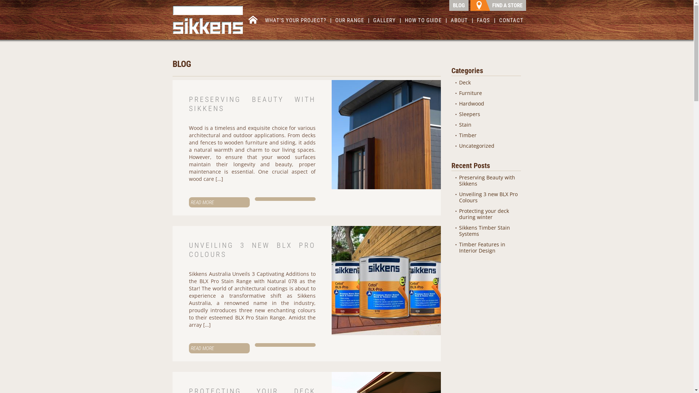 The width and height of the screenshot is (699, 393). I want to click on 'Deck', so click(464, 82).